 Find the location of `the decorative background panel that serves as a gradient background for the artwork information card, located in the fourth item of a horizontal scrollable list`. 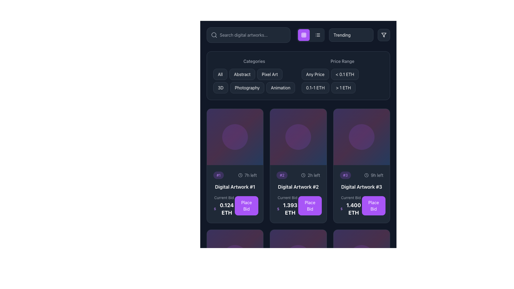

the decorative background panel that serves as a gradient background for the artwork information card, located in the fourth item of a horizontal scrollable list is located at coordinates (298, 258).